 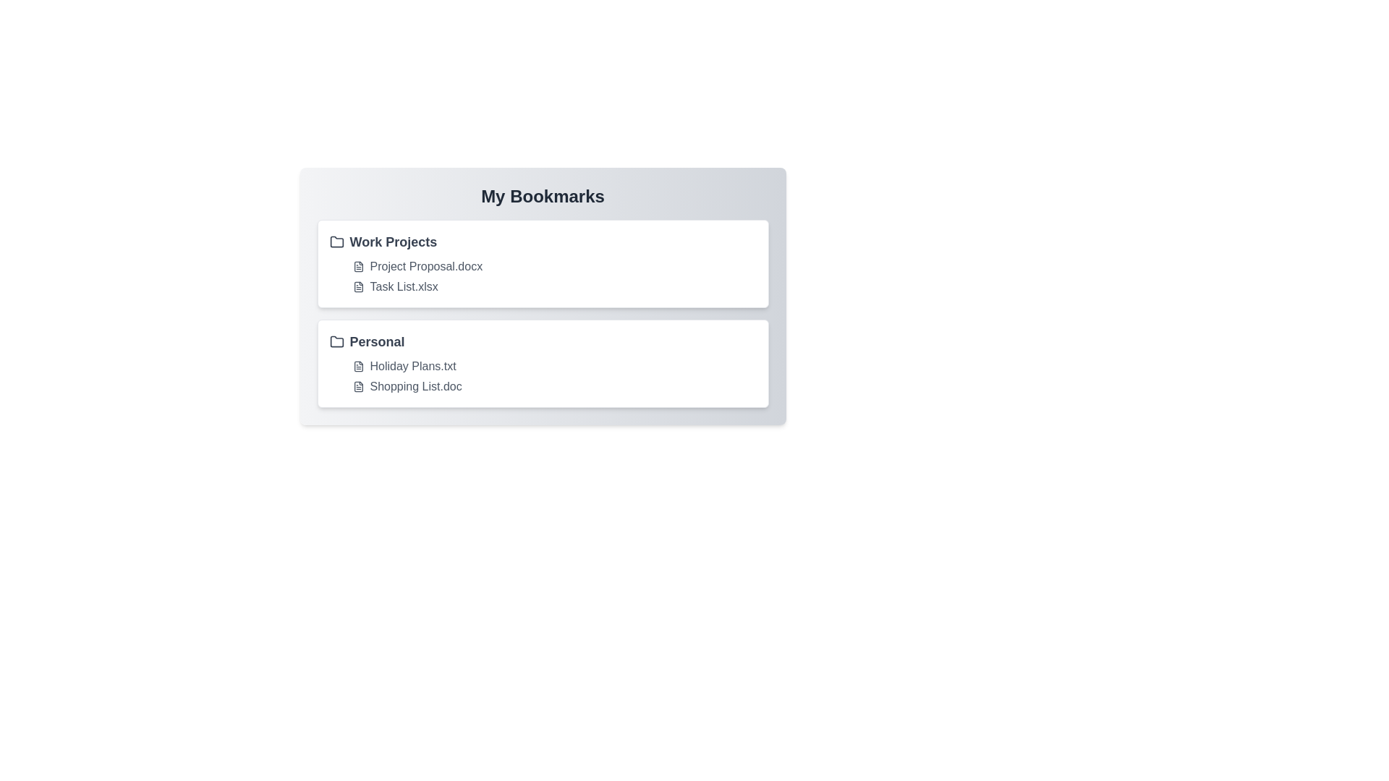 What do you see at coordinates (358, 386) in the screenshot?
I see `the document icon representing 'Shopping List.doc', which is located to the left of the text in the second subgroup under the 'Personal' category` at bounding box center [358, 386].